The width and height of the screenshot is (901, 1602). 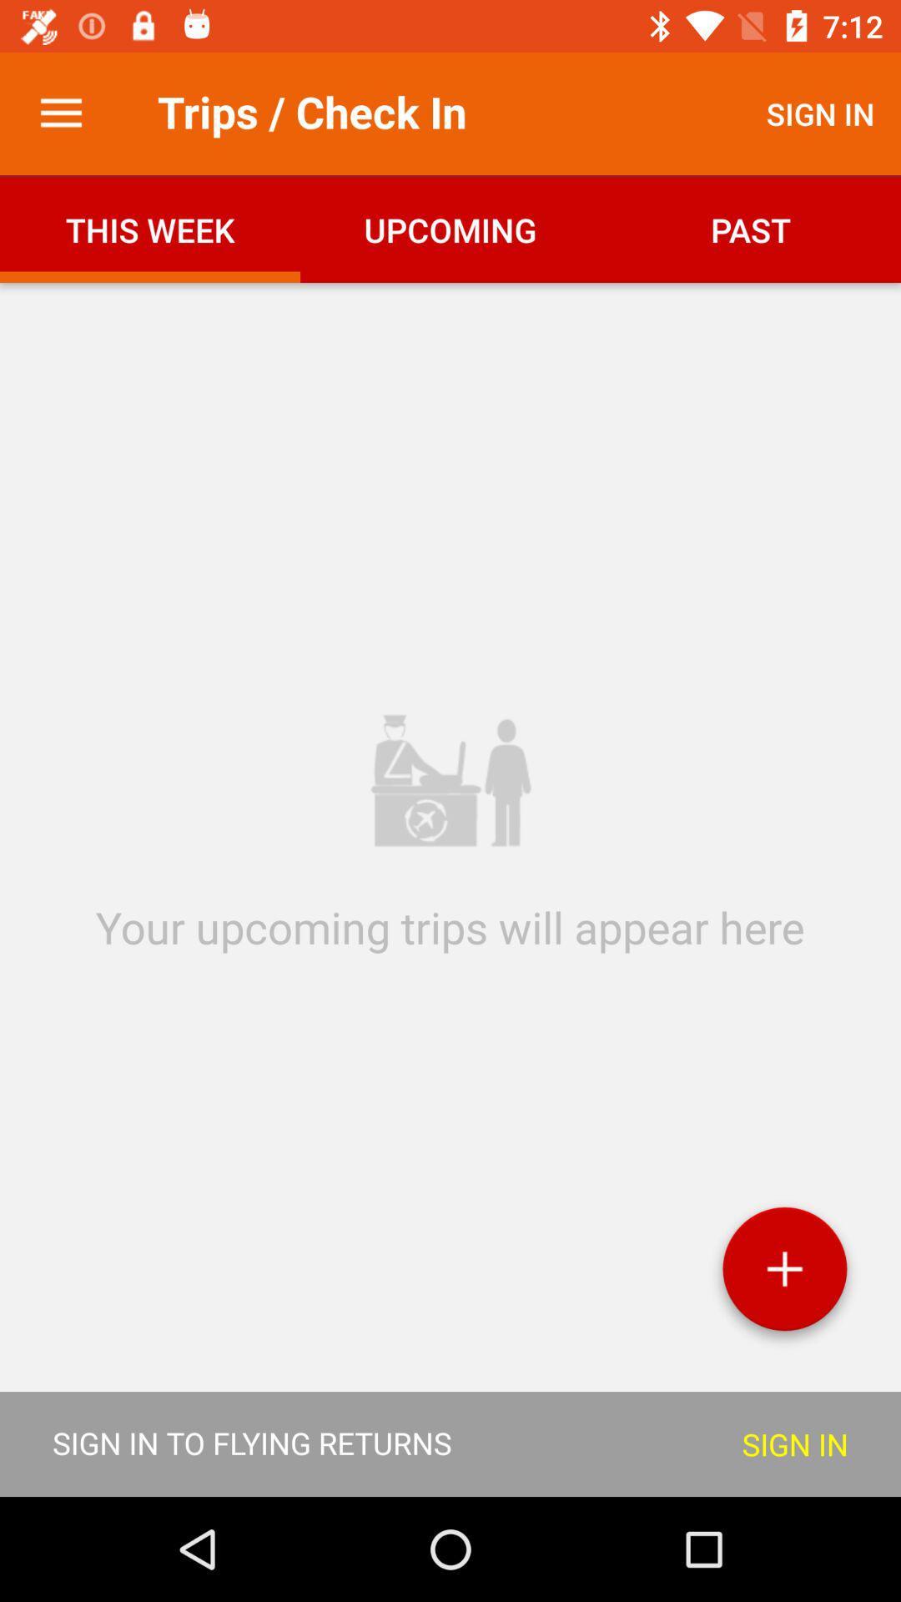 What do you see at coordinates (784, 1274) in the screenshot?
I see `the add icon` at bounding box center [784, 1274].